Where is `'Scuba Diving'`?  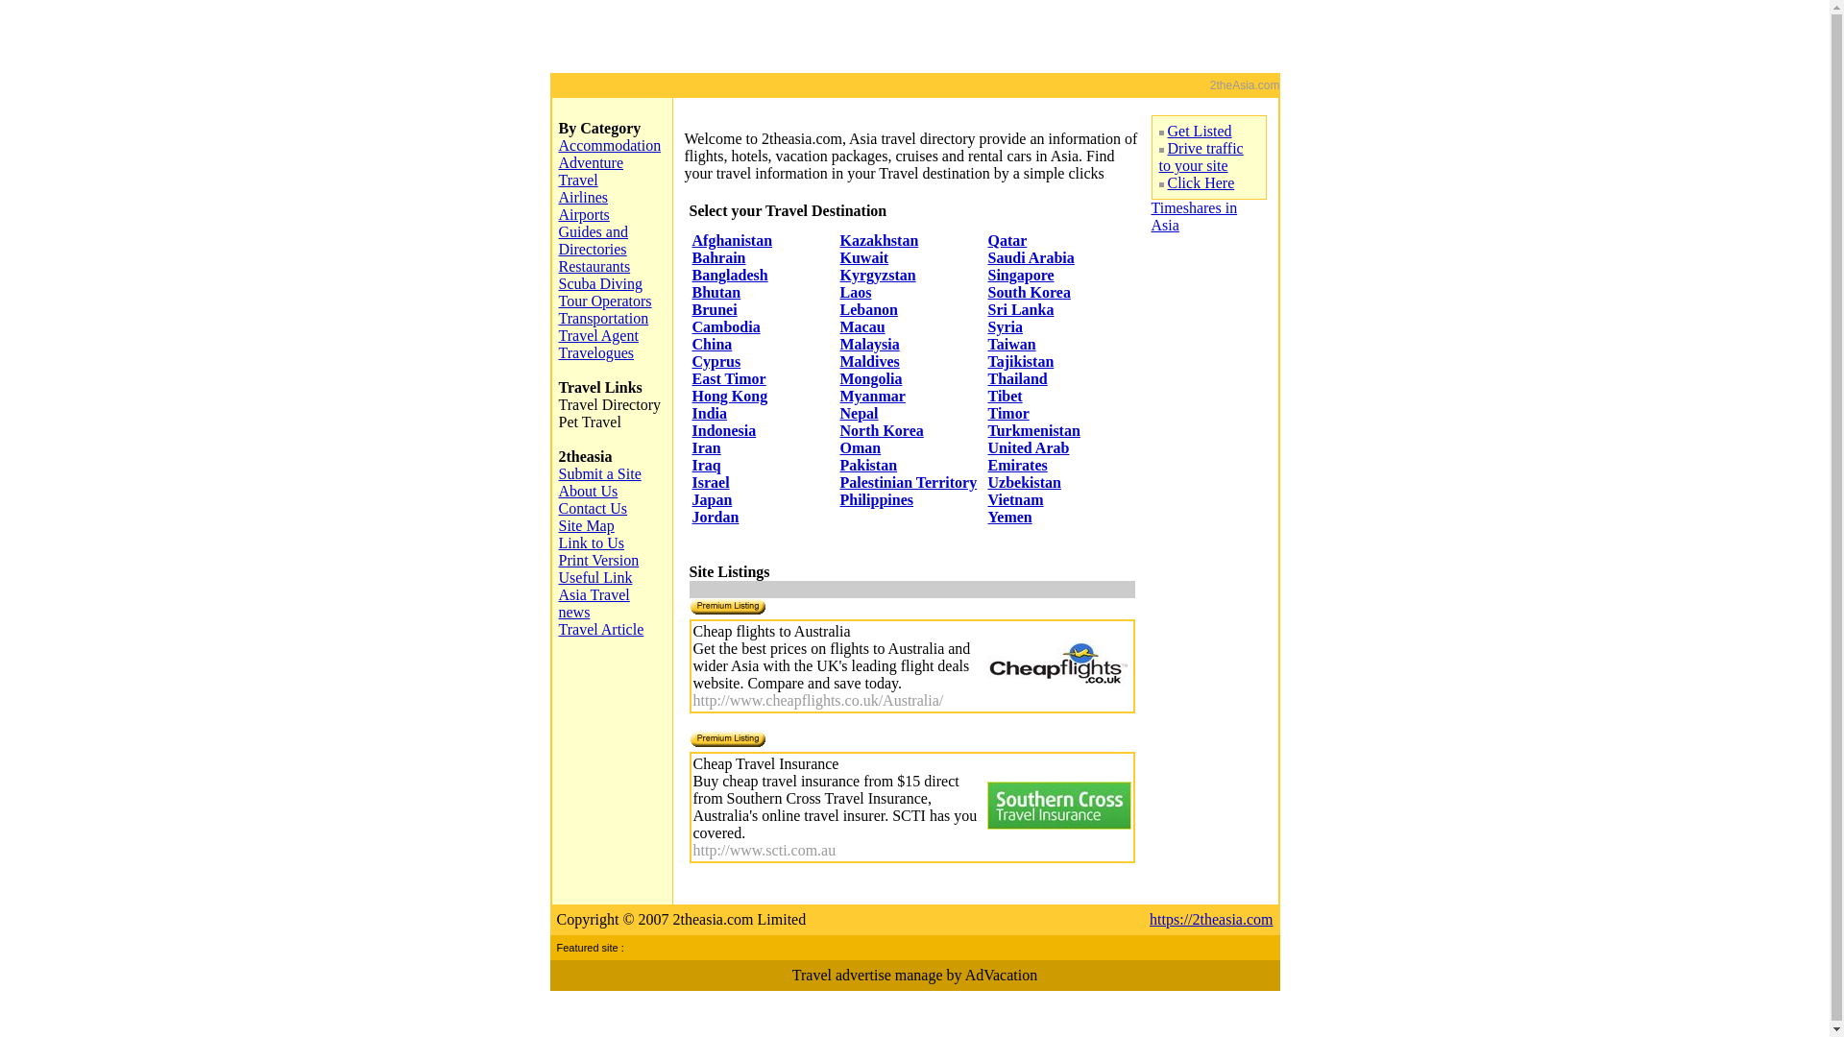
'Scuba Diving' is located at coordinates (599, 283).